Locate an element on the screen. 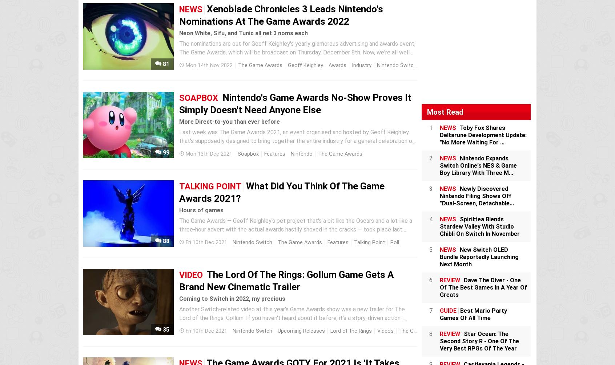 Image resolution: width=615 pixels, height=365 pixels. 'Most Read' is located at coordinates (445, 111).